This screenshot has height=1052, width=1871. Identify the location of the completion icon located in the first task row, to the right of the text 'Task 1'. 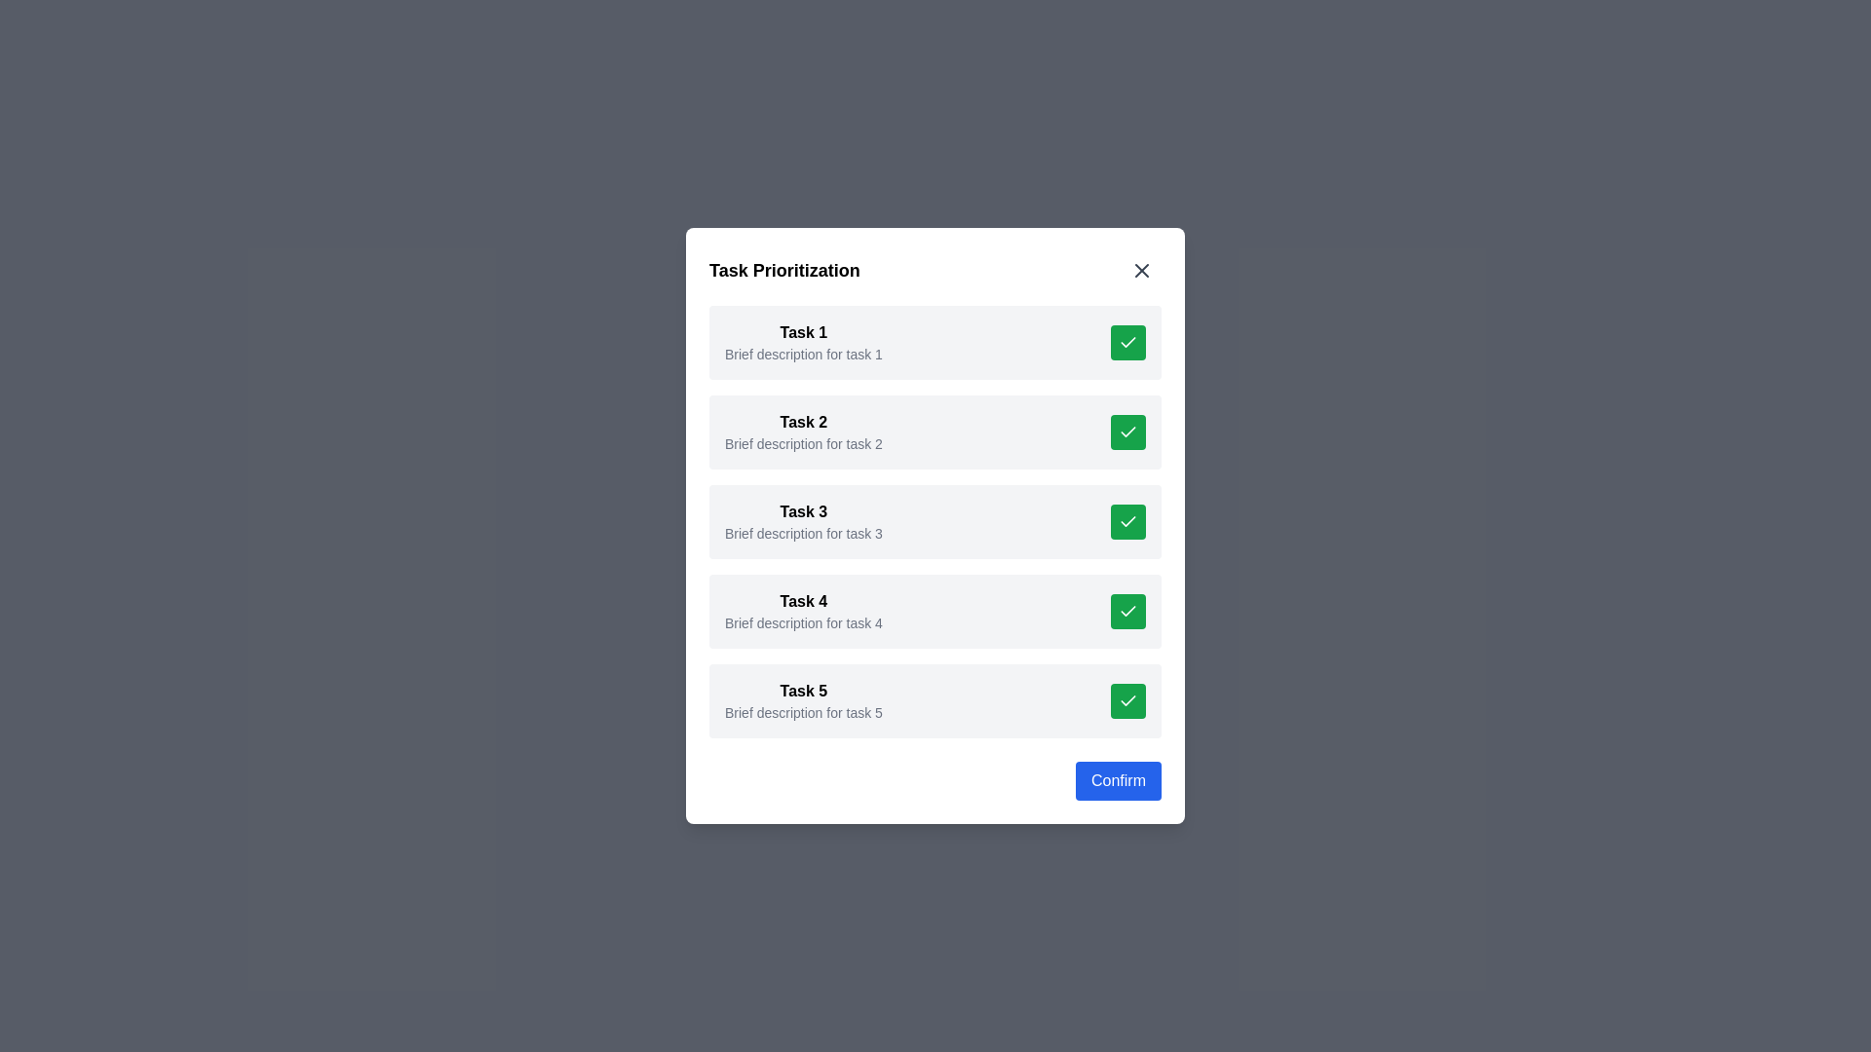
(1127, 341).